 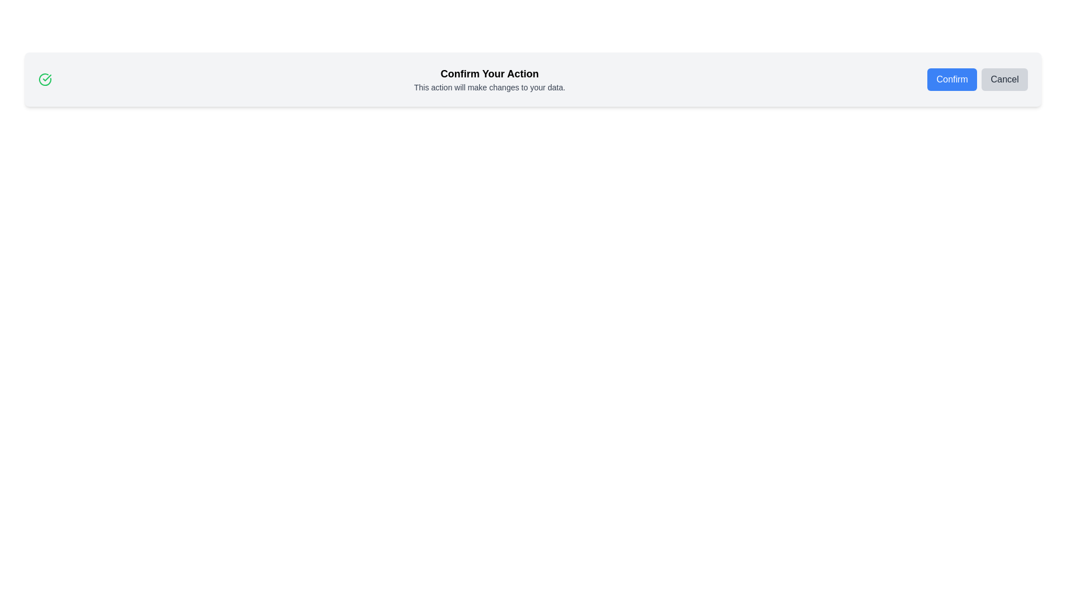 I want to click on the Text Block that contains the bold header 'Confirm Your Action' and the smaller text 'This action will make changes to your data.', so click(x=489, y=79).